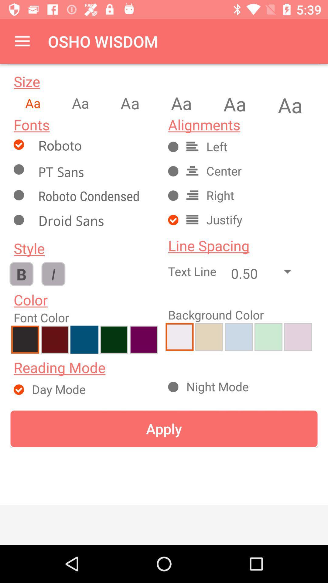  What do you see at coordinates (298, 336) in the screenshot?
I see `font color` at bounding box center [298, 336].